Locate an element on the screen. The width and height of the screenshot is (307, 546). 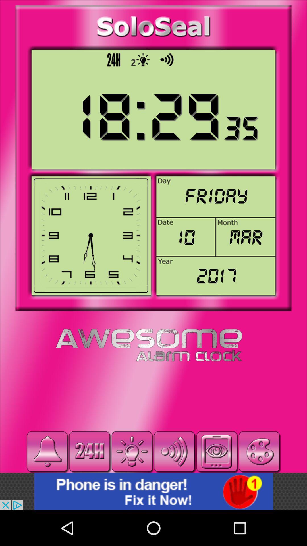
it a alarm key is located at coordinates (47, 451).